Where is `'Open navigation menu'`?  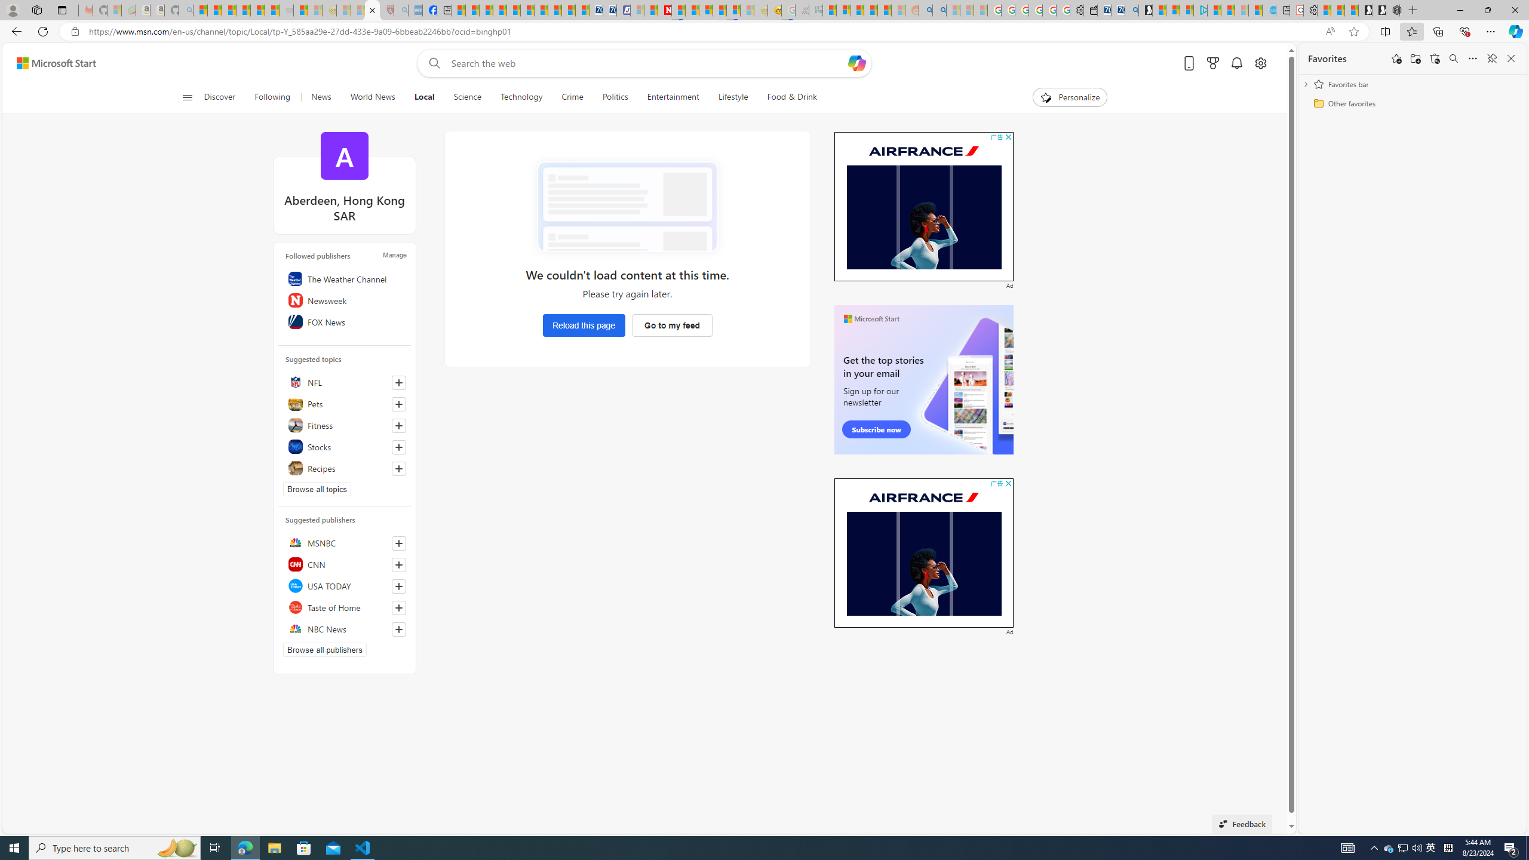 'Open navigation menu' is located at coordinates (187, 96).